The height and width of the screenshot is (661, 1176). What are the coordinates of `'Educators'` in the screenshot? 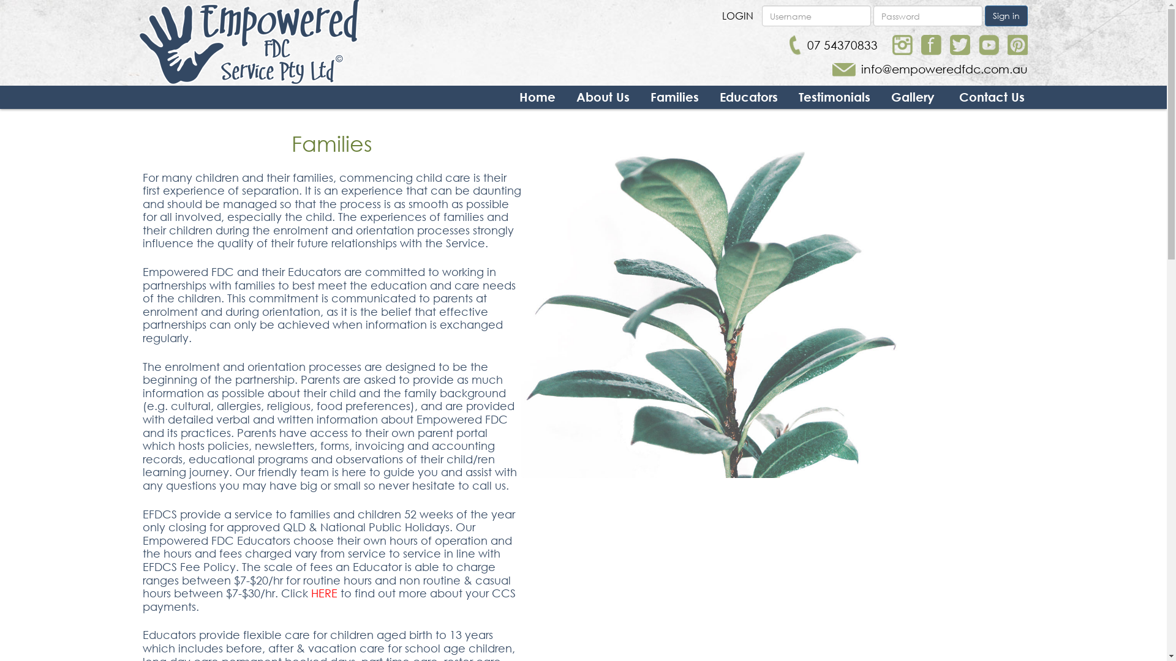 It's located at (719, 96).